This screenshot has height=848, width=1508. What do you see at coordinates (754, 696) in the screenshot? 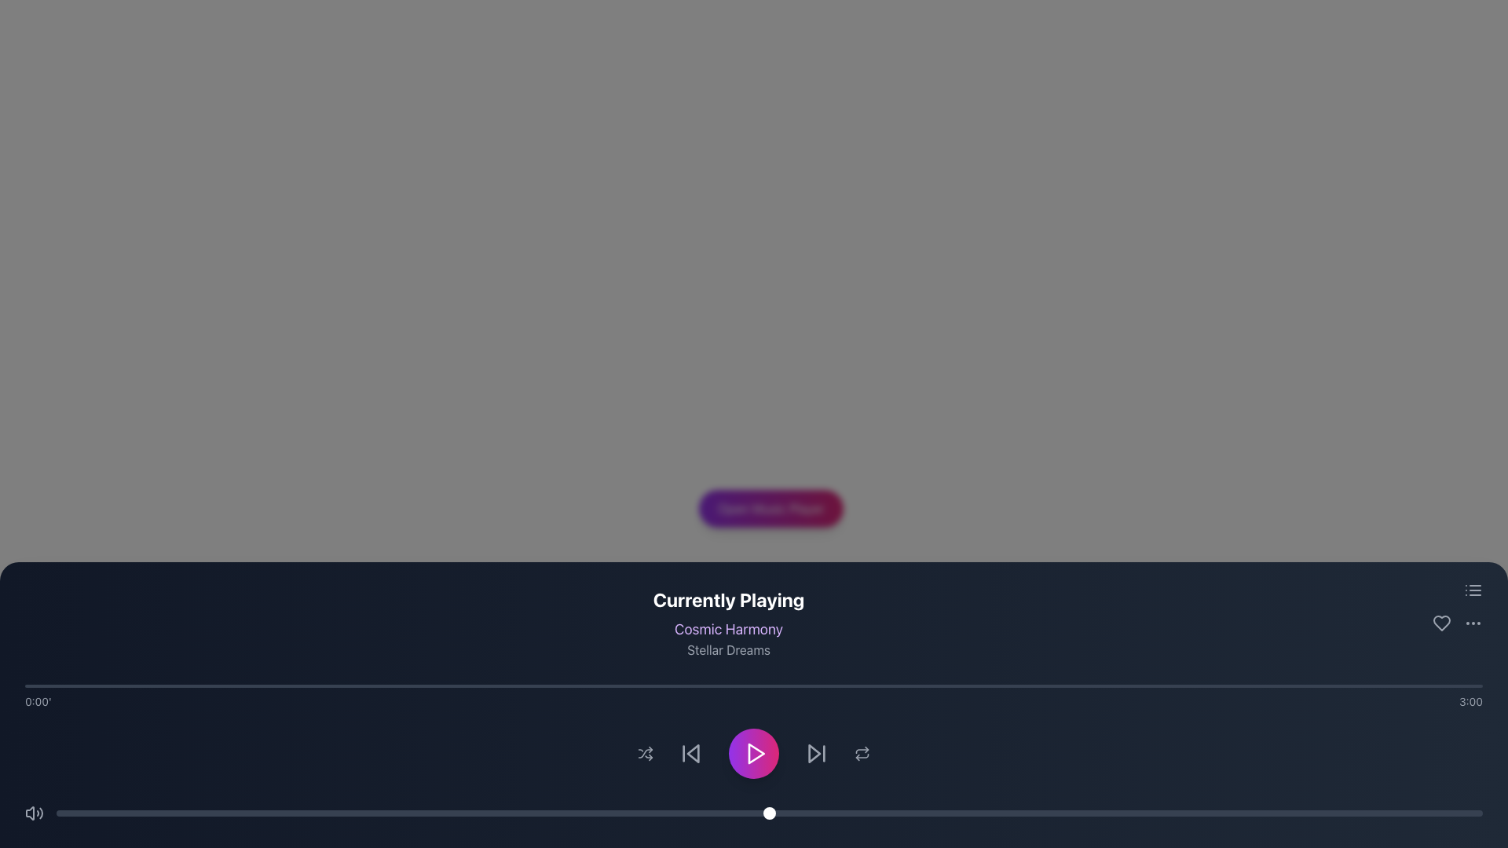
I see `the horizontal progress bar, which is a thin gradient-colored line labeled with '0:00' and '3:00', located near the bottom section of the display above the playback controls` at bounding box center [754, 696].